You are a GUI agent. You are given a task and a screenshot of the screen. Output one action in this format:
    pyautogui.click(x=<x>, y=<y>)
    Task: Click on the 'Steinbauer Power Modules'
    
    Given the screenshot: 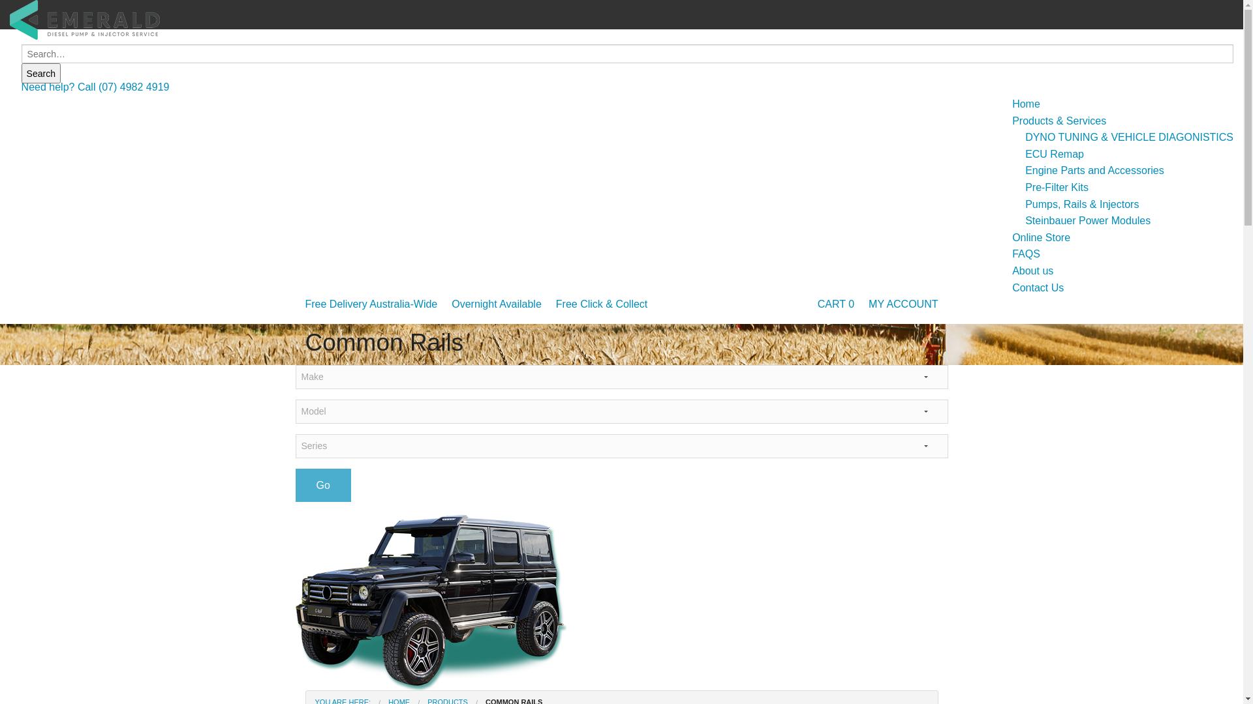 What is the action you would take?
    pyautogui.click(x=1024, y=220)
    